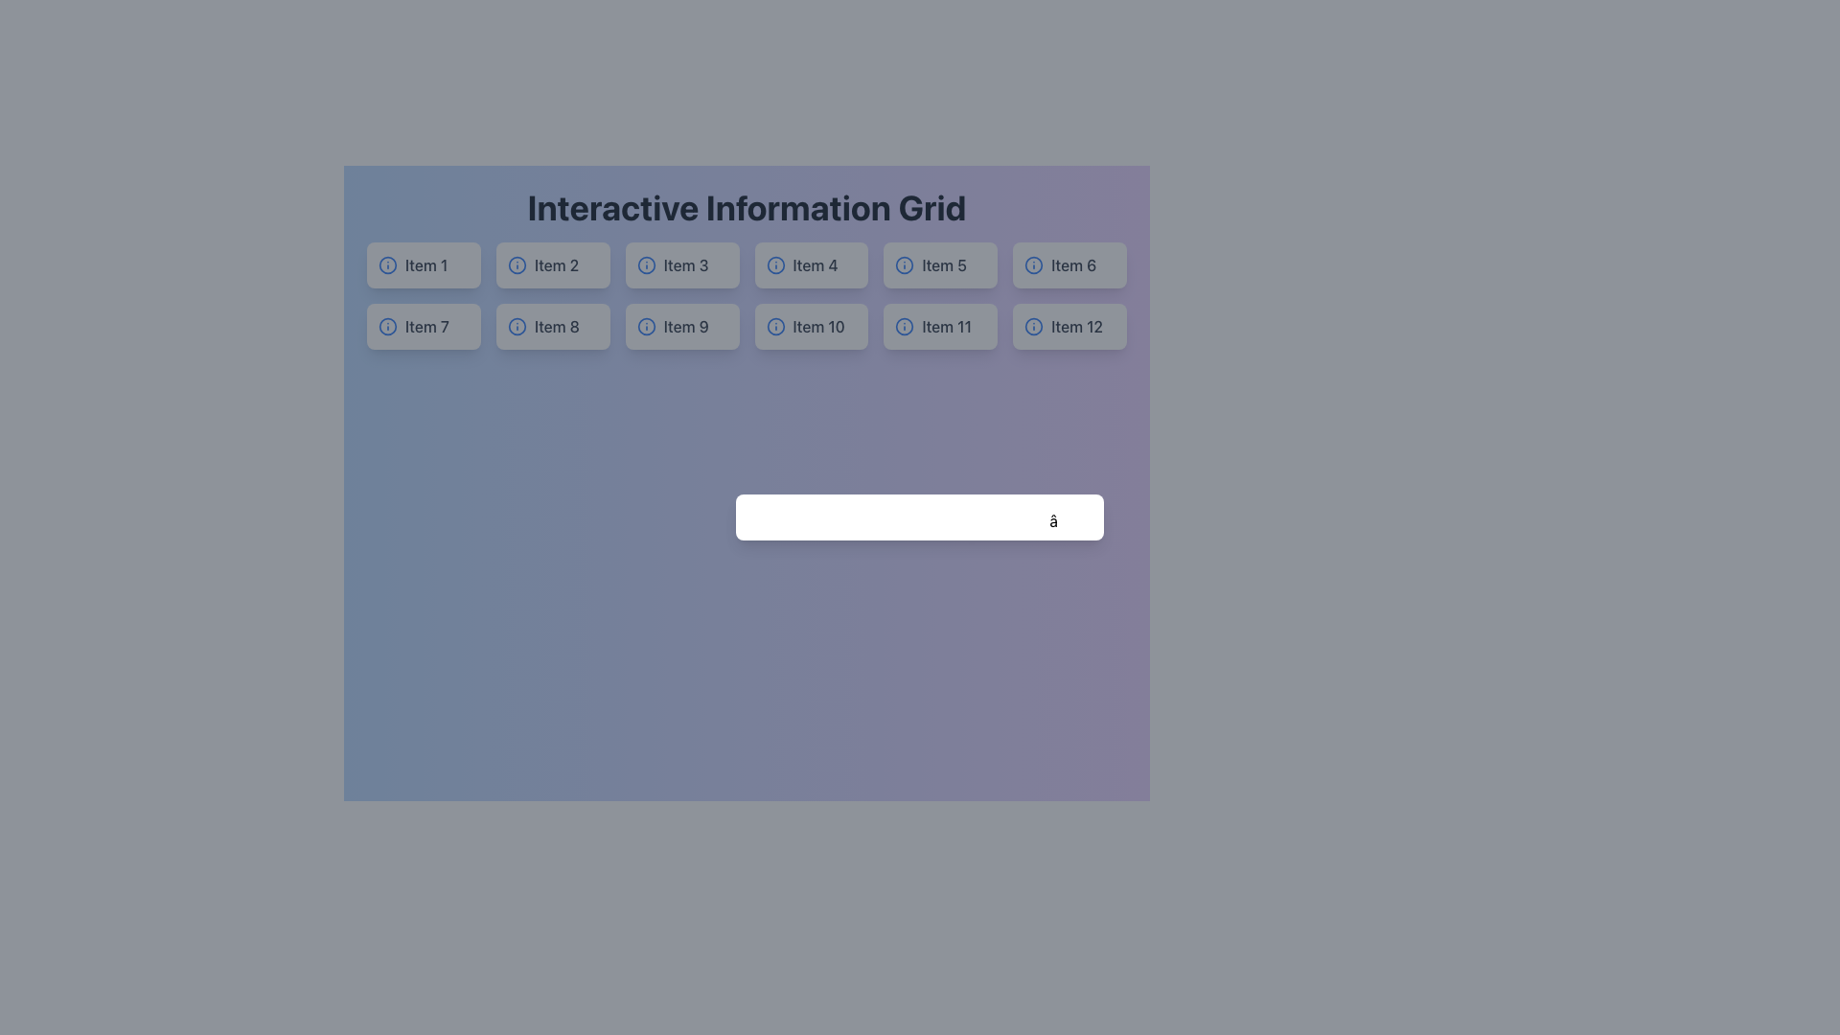 The height and width of the screenshot is (1035, 1840). What do you see at coordinates (904, 325) in the screenshot?
I see `the Decorative SVG circle that serves as a symbolic aspect of the icon for 'Item 11', located in the second row, second column from the right in the grid structure` at bounding box center [904, 325].